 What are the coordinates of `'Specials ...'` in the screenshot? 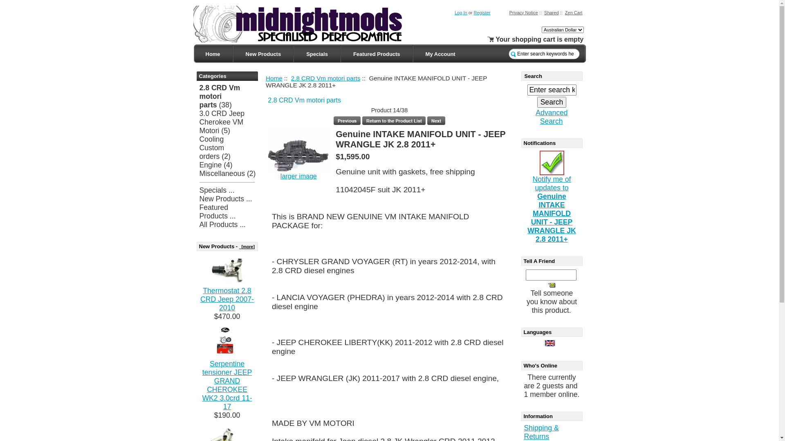 It's located at (217, 190).